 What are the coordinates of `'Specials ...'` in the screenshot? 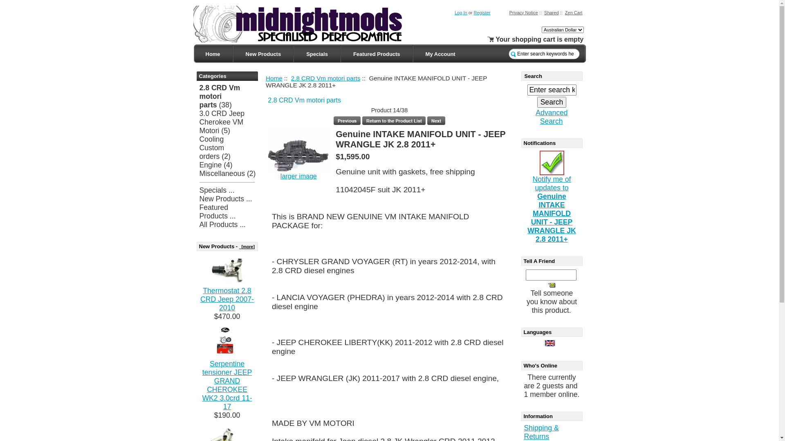 It's located at (217, 190).